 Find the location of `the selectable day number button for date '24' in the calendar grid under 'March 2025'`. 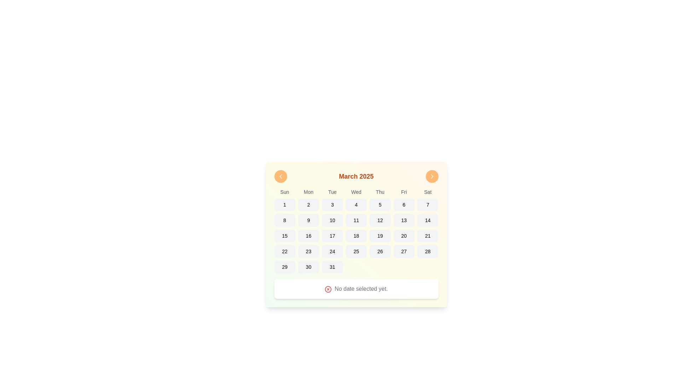

the selectable day number button for date '24' in the calendar grid under 'March 2025' is located at coordinates (332, 251).